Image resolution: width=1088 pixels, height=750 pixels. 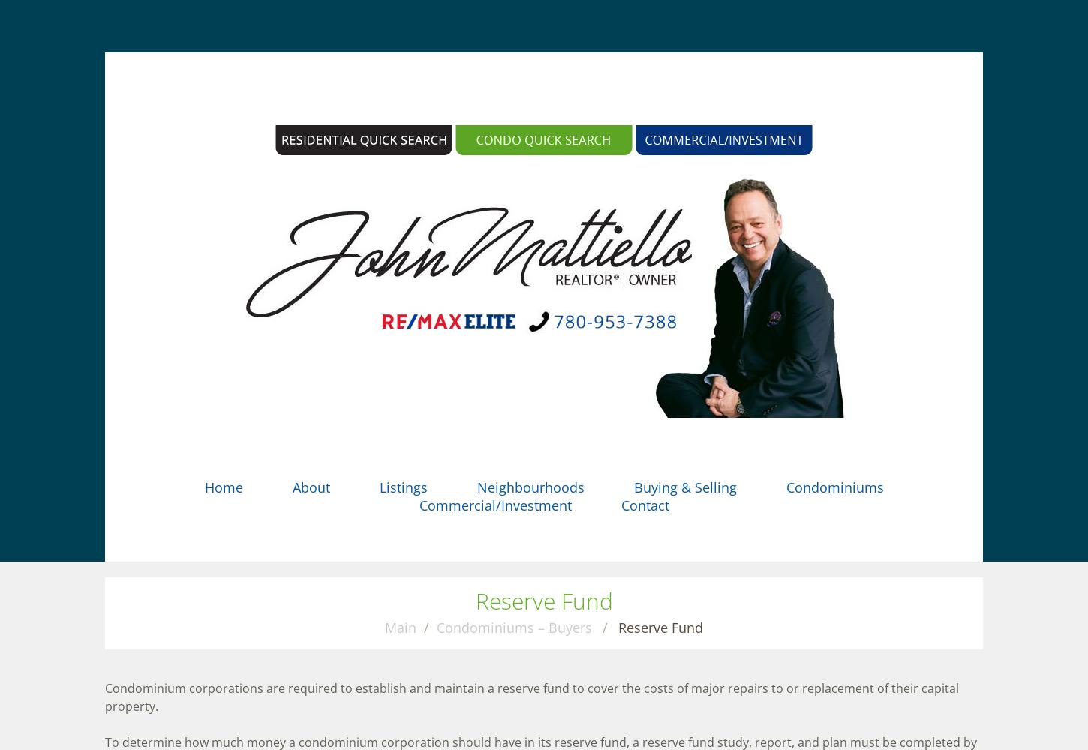 I want to click on 'Main', so click(x=401, y=627).